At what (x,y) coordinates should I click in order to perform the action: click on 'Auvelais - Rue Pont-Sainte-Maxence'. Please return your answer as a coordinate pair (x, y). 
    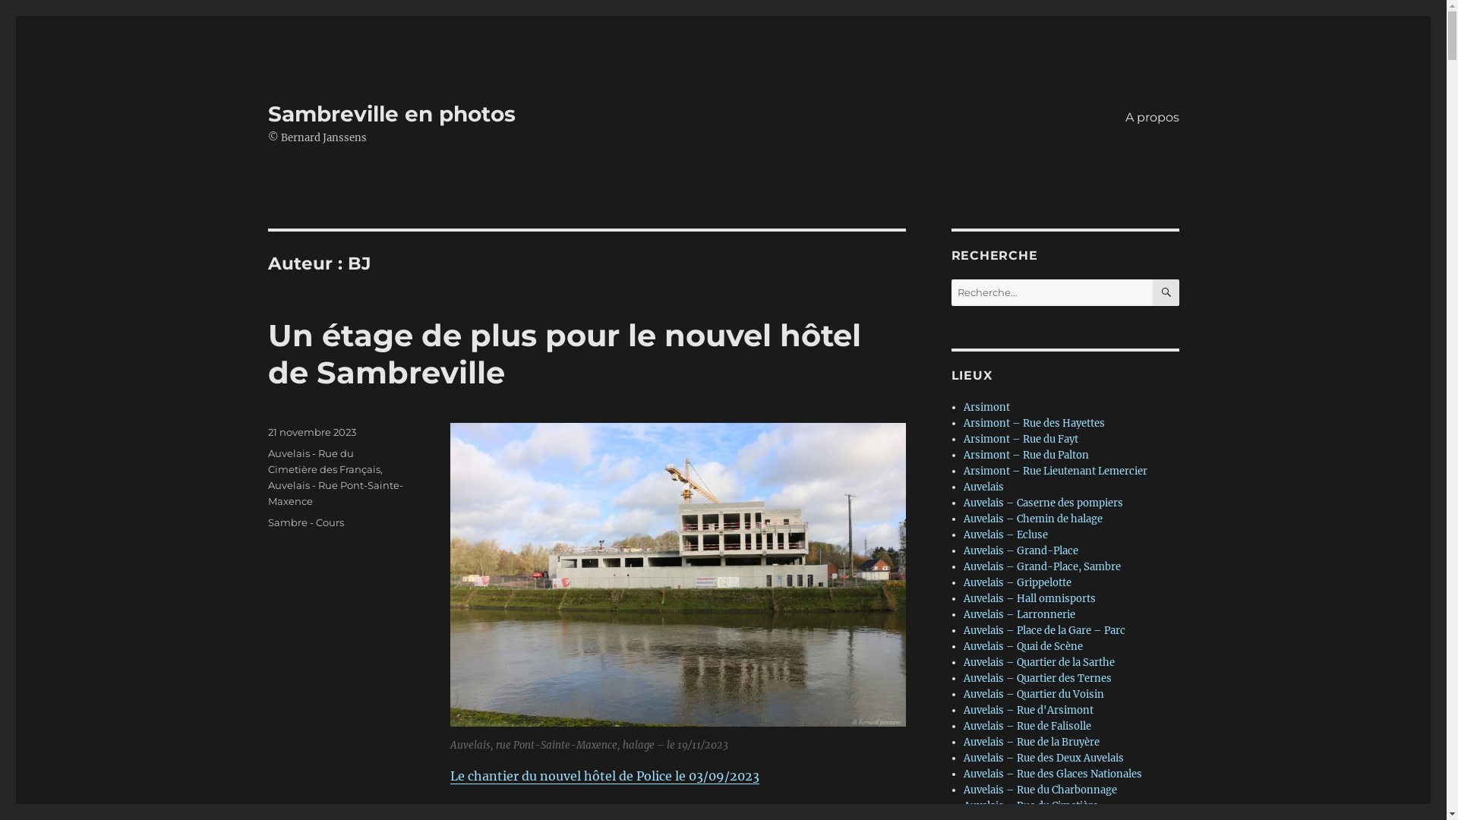
    Looking at the image, I should click on (334, 493).